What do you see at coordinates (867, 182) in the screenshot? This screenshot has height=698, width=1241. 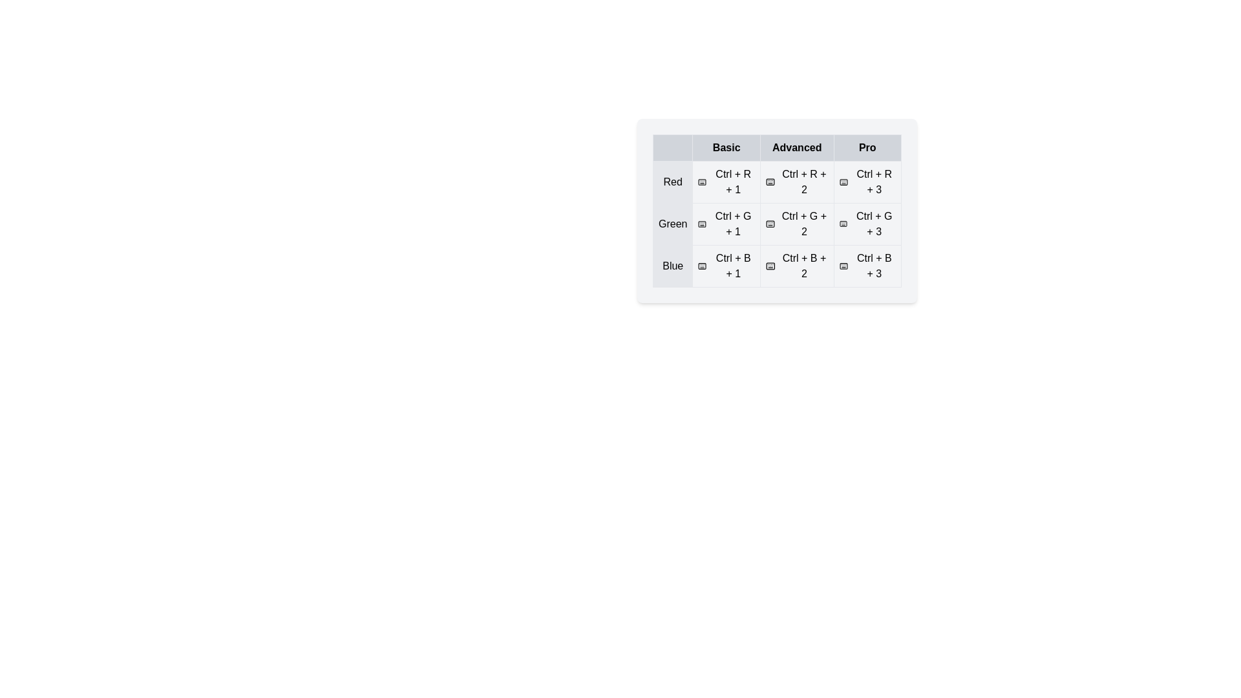 I see `the keyboard shortcut label displaying 'Ctrl + R + 3' located in the third row and third column of the grid under the 'Red' category` at bounding box center [867, 182].